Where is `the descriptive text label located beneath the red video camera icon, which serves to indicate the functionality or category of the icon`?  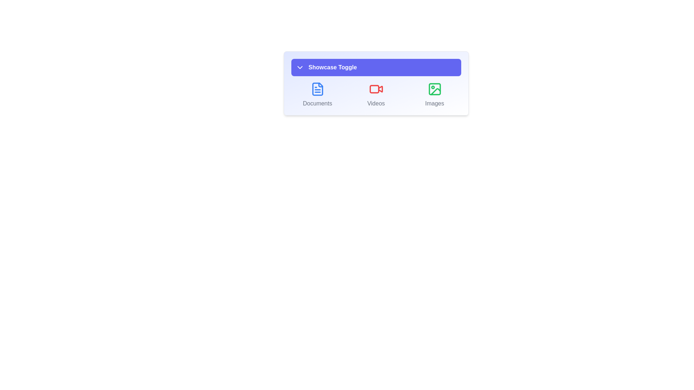
the descriptive text label located beneath the red video camera icon, which serves to indicate the functionality or category of the icon is located at coordinates (376, 103).